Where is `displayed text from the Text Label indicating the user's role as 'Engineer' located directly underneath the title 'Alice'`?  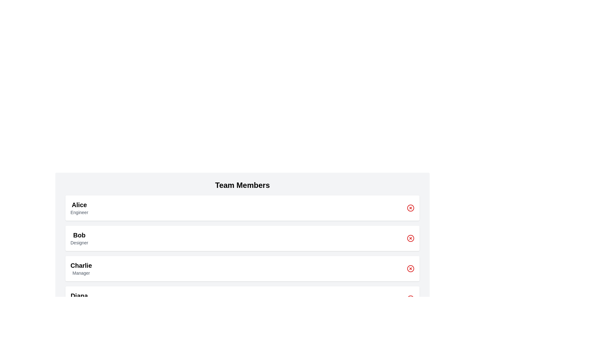 displayed text from the Text Label indicating the user's role as 'Engineer' located directly underneath the title 'Alice' is located at coordinates (79, 212).